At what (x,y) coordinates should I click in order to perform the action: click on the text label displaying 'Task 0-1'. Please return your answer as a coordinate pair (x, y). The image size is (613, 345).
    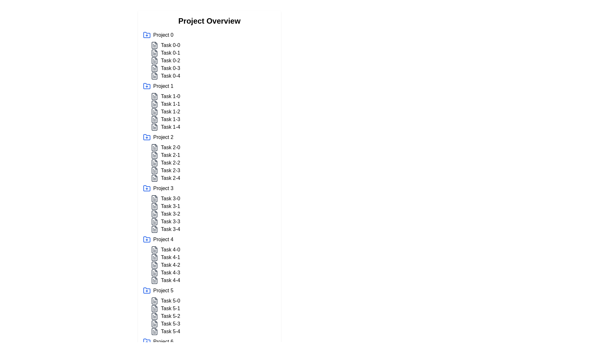
    Looking at the image, I should click on (170, 52).